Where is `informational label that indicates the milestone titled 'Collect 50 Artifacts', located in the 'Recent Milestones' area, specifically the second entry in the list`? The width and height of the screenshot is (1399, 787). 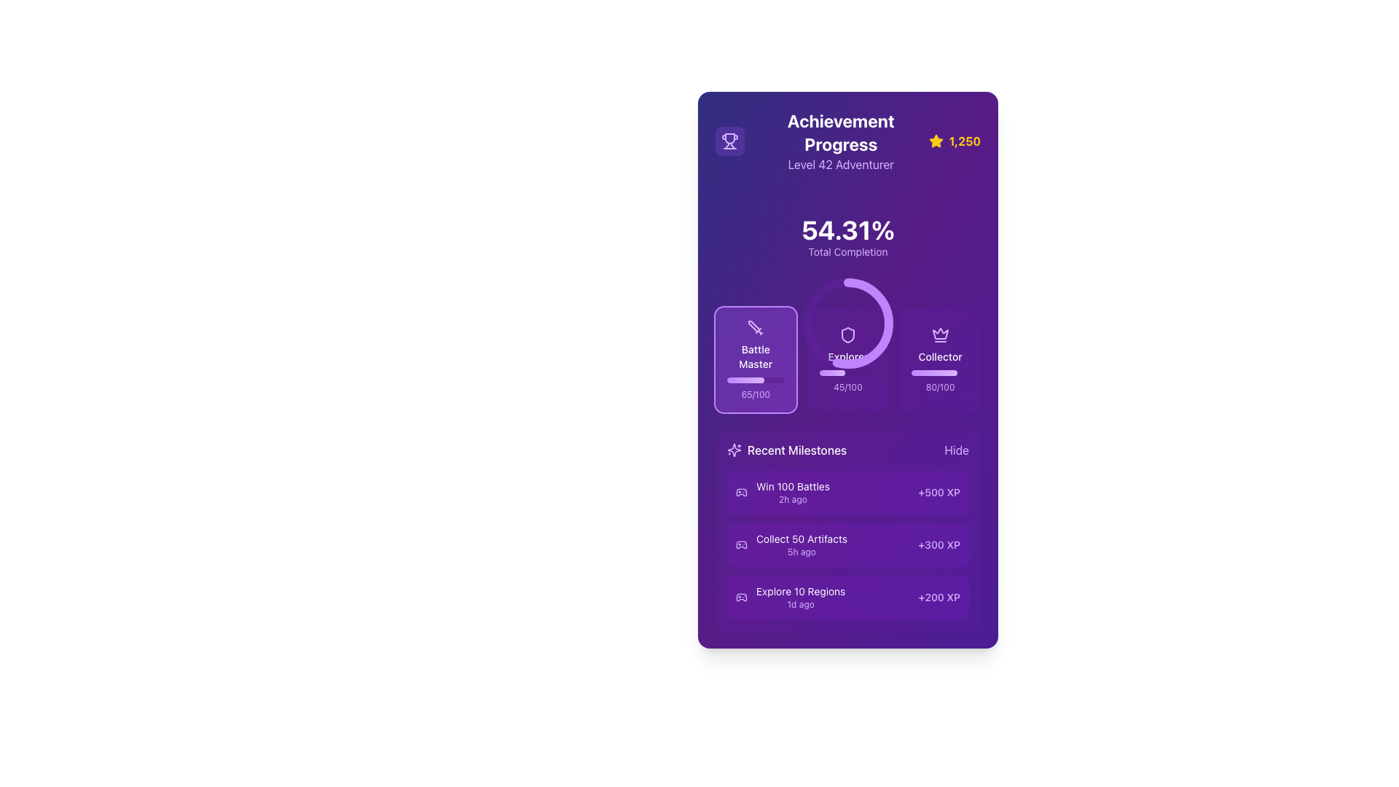
informational label that indicates the milestone titled 'Collect 50 Artifacts', located in the 'Recent Milestones' area, specifically the second entry in the list is located at coordinates (801, 539).